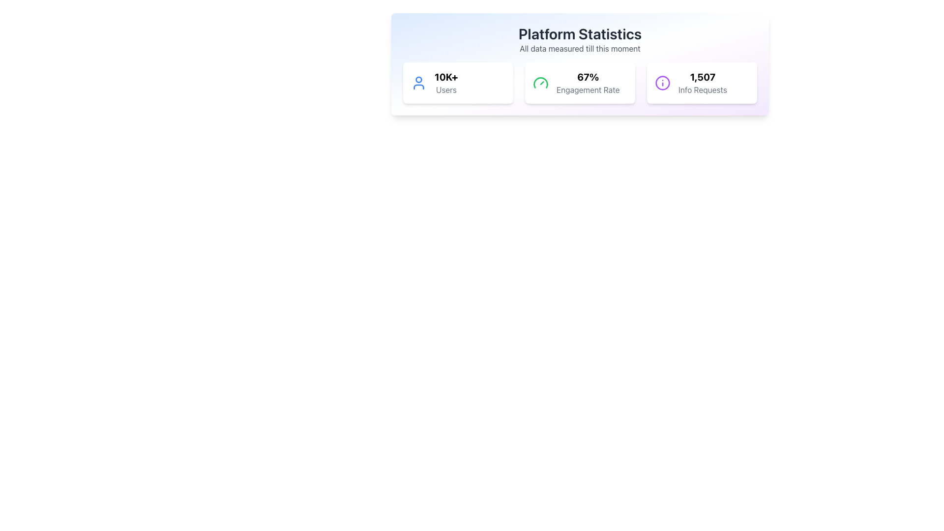  Describe the element at coordinates (702, 89) in the screenshot. I see `the Text Label that identifies the count of 'Info Requests' located on the rightmost card in the statistics dashboard, positioned below the number '1,507'` at that location.